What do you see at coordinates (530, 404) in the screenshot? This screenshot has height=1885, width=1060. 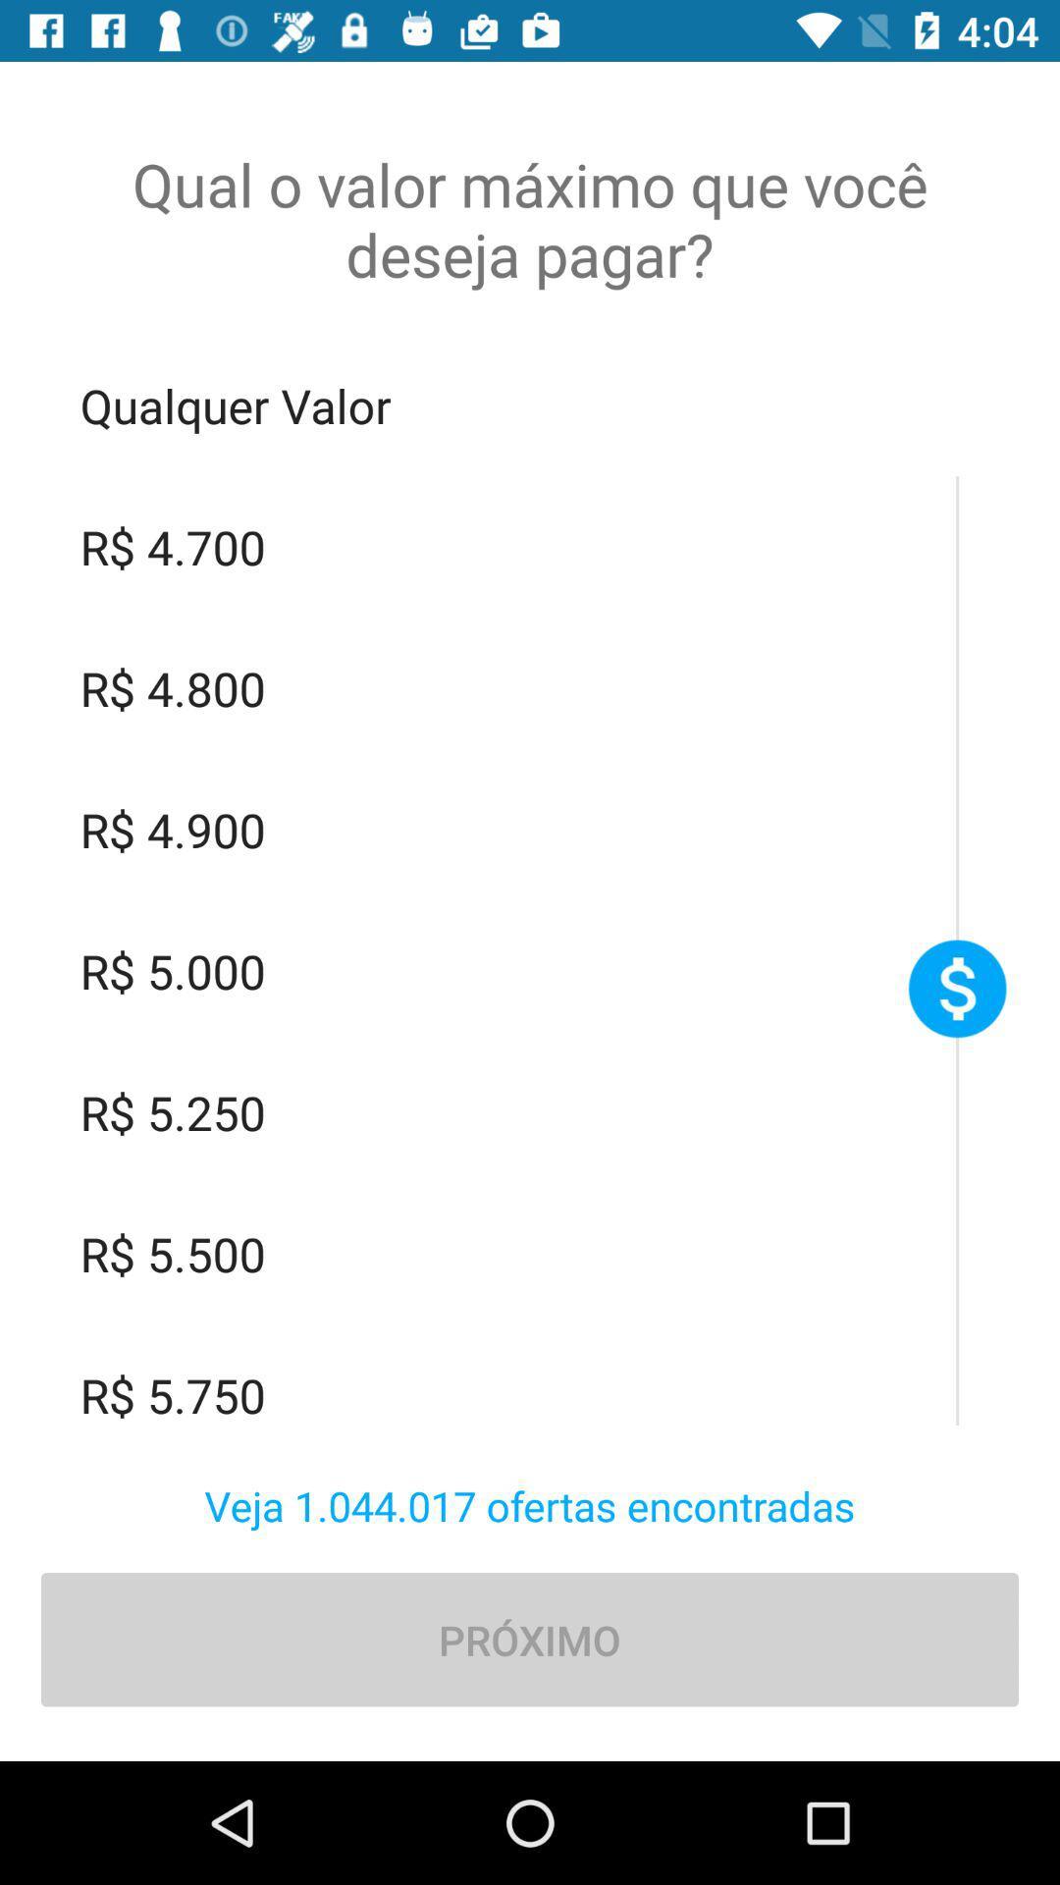 I see `qualquer valor` at bounding box center [530, 404].